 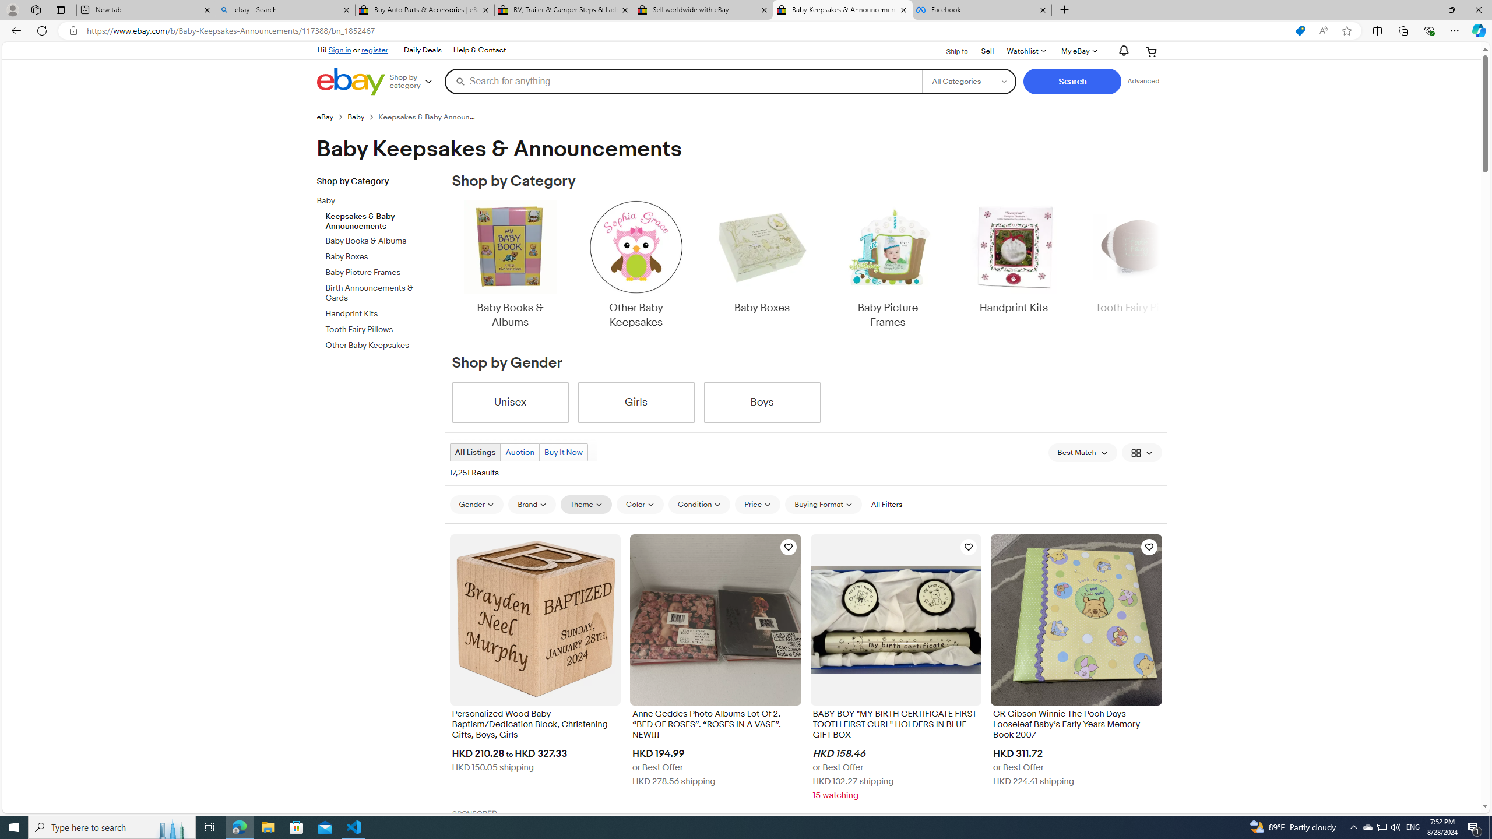 What do you see at coordinates (532, 504) in the screenshot?
I see `'Brand'` at bounding box center [532, 504].